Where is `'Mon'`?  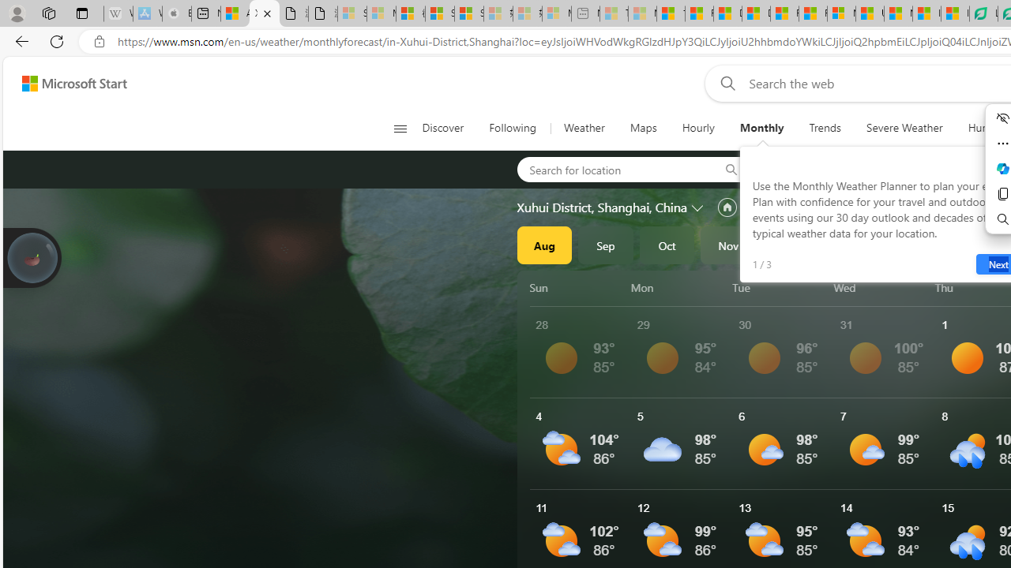
'Mon' is located at coordinates (678, 287).